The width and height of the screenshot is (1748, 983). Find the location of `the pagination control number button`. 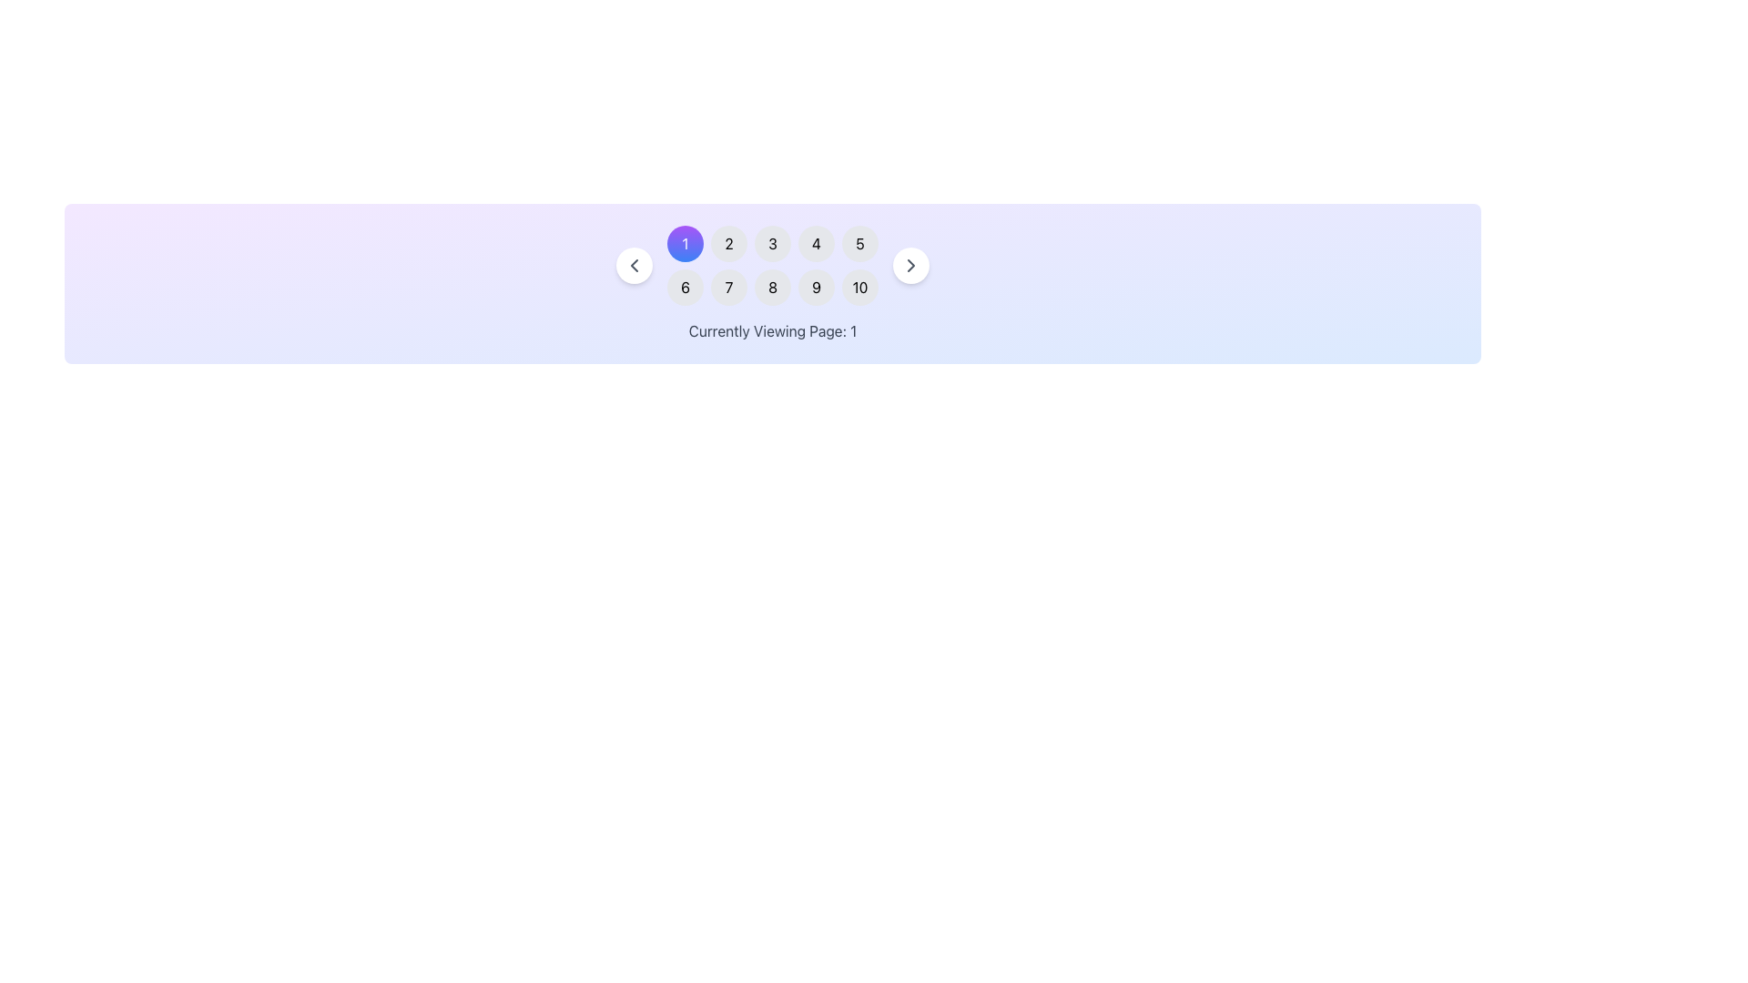

the pagination control number button is located at coordinates (773, 266).